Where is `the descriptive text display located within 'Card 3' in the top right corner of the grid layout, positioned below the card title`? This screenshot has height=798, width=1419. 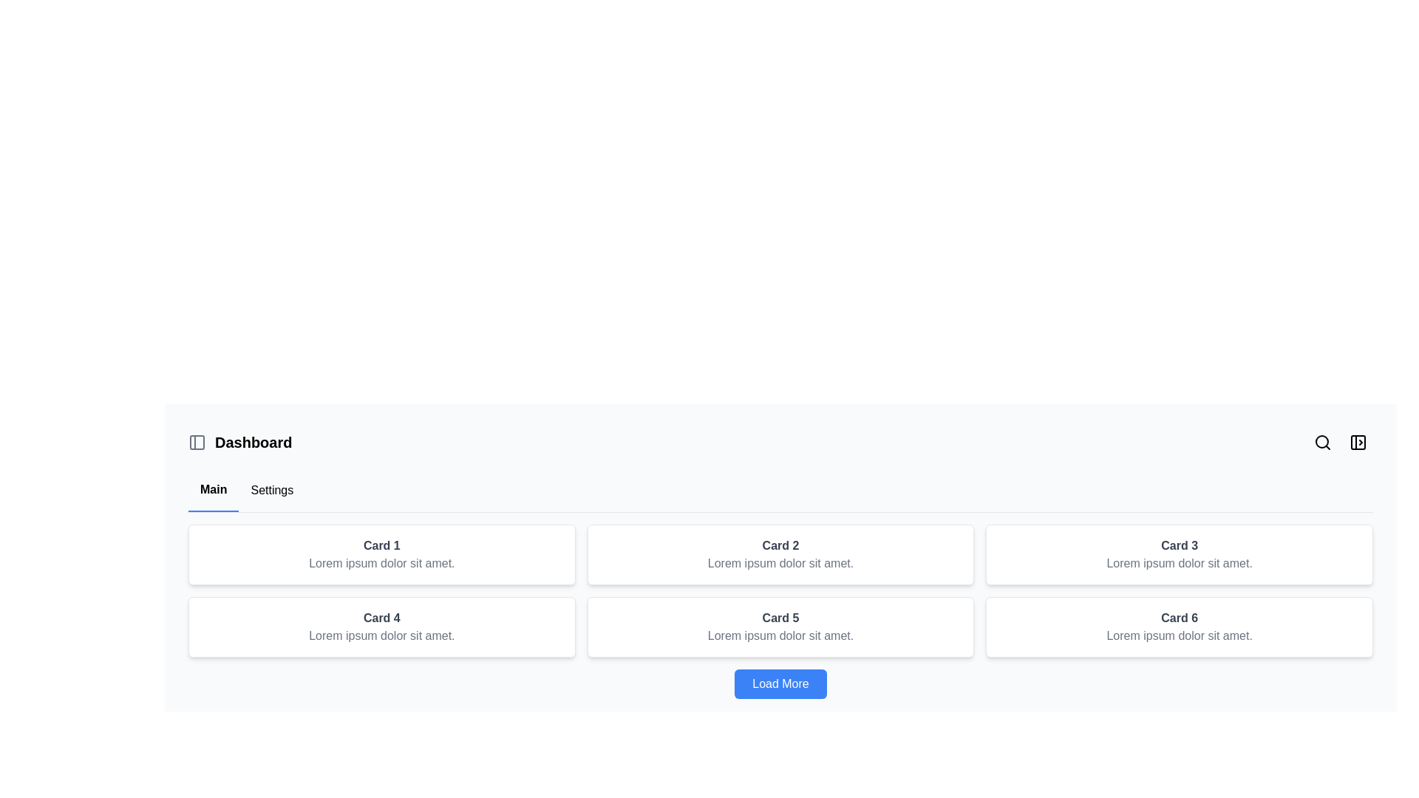 the descriptive text display located within 'Card 3' in the top right corner of the grid layout, positioned below the card title is located at coordinates (1179, 564).